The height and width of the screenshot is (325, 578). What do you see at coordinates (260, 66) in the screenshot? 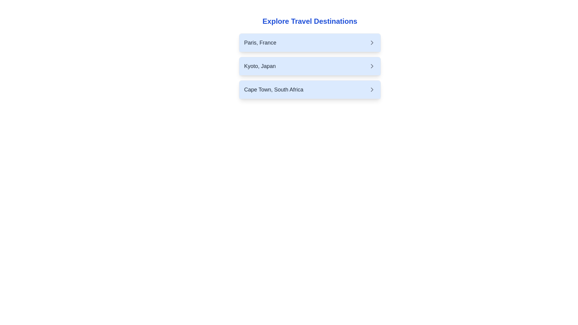
I see `the text label displaying 'Kyoto, Japan', which is styled with a large font size and dark gray color, located in the center-left part of the second card in a vertically stacked list of options` at bounding box center [260, 66].